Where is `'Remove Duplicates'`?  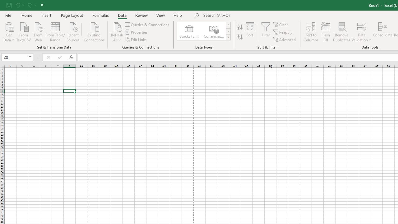
'Remove Duplicates' is located at coordinates (341, 32).